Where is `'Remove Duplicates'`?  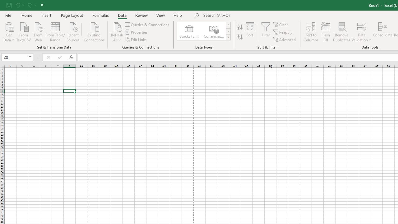
'Remove Duplicates' is located at coordinates (341, 32).